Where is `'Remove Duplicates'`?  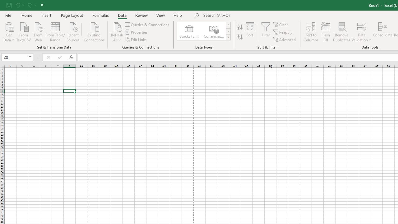
'Remove Duplicates' is located at coordinates (341, 32).